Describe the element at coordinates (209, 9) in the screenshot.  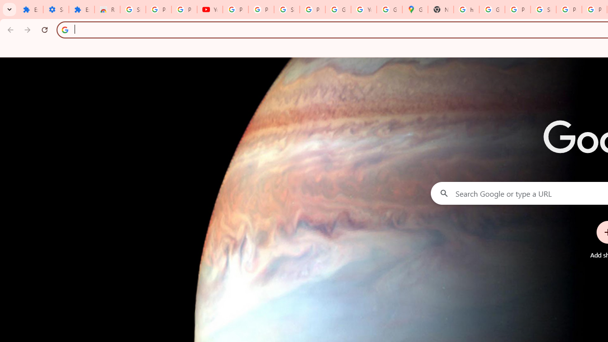
I see `'YouTube'` at that location.